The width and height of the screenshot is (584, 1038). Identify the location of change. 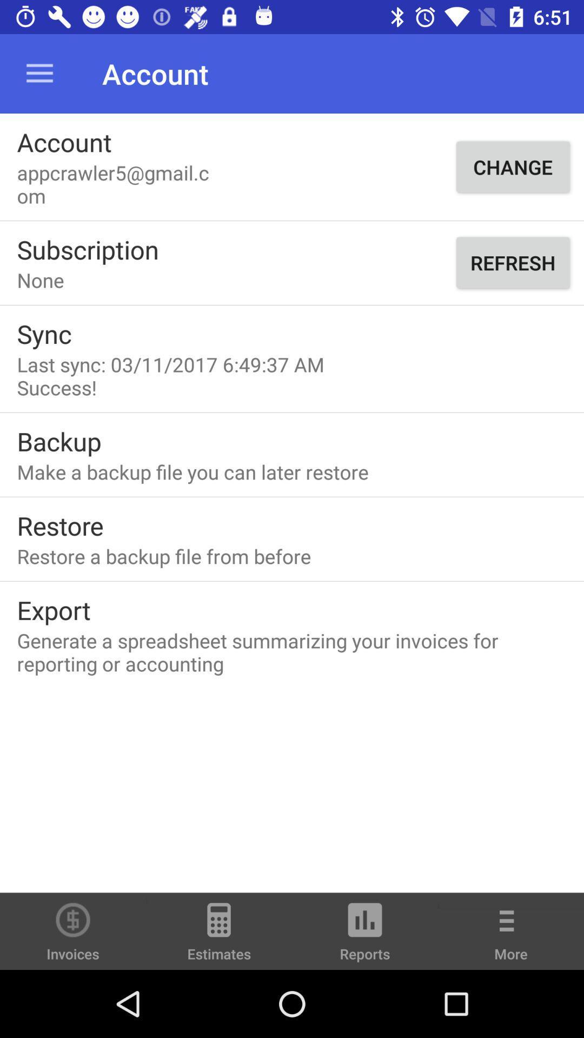
(512, 166).